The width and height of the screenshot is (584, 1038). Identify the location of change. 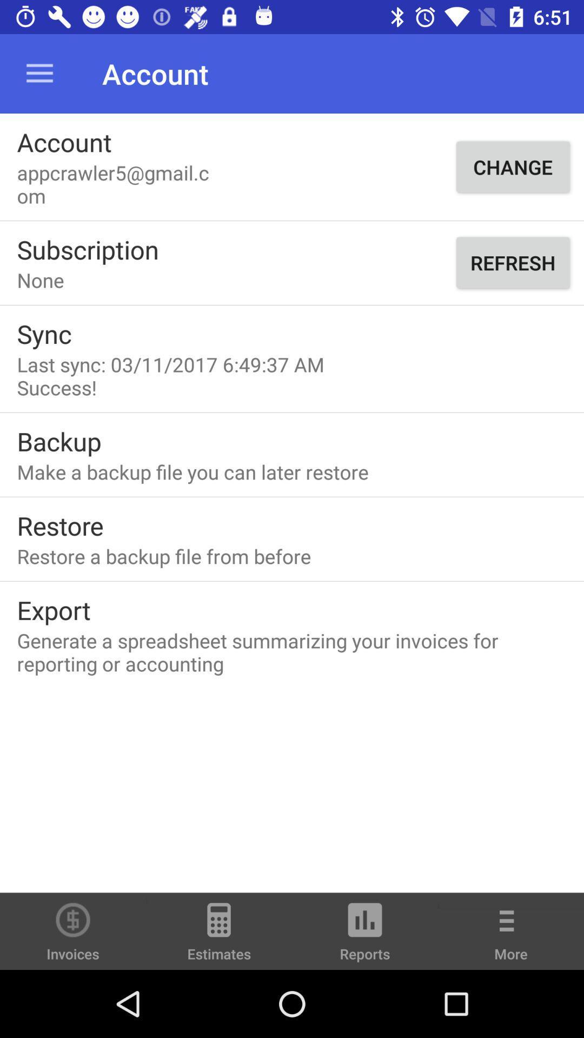
(512, 166).